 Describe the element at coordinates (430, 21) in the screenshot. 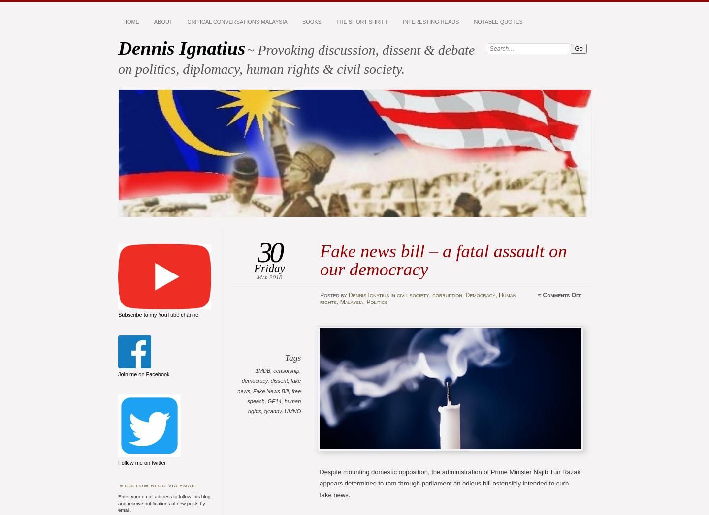

I see `'Interesting Reads'` at that location.